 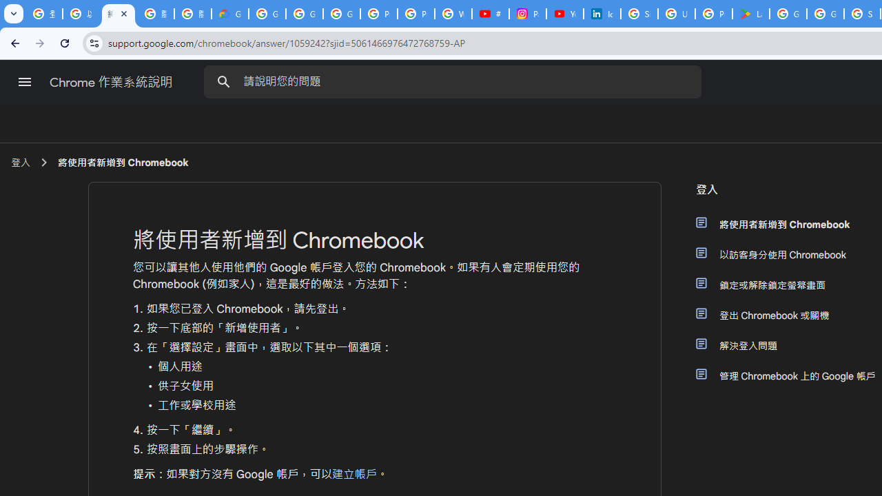 What do you see at coordinates (14, 14) in the screenshot?
I see `'Search tabs'` at bounding box center [14, 14].